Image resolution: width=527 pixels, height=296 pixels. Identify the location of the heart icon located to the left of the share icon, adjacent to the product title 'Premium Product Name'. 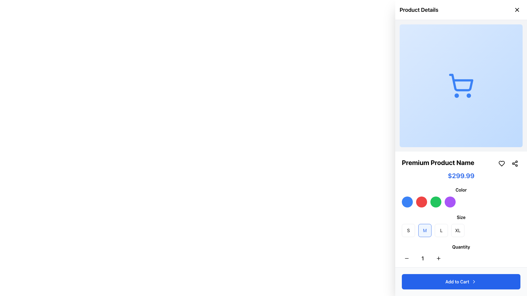
(502, 163).